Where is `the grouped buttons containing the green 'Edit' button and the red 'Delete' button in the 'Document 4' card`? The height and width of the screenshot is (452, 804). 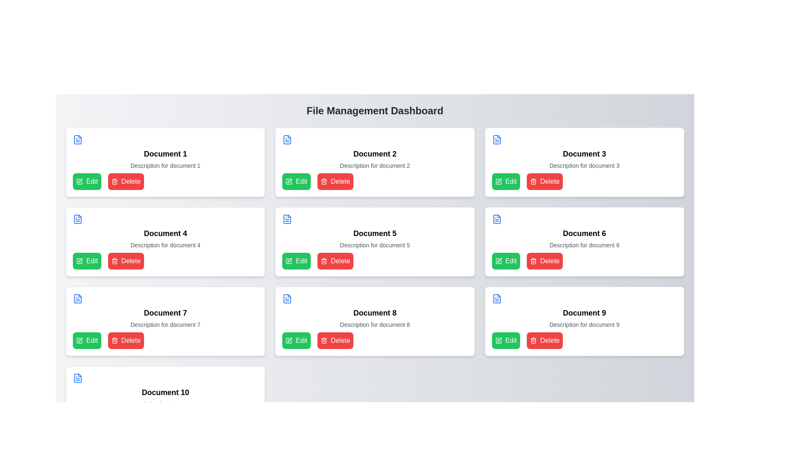 the grouped buttons containing the green 'Edit' button and the red 'Delete' button in the 'Document 4' card is located at coordinates (165, 261).